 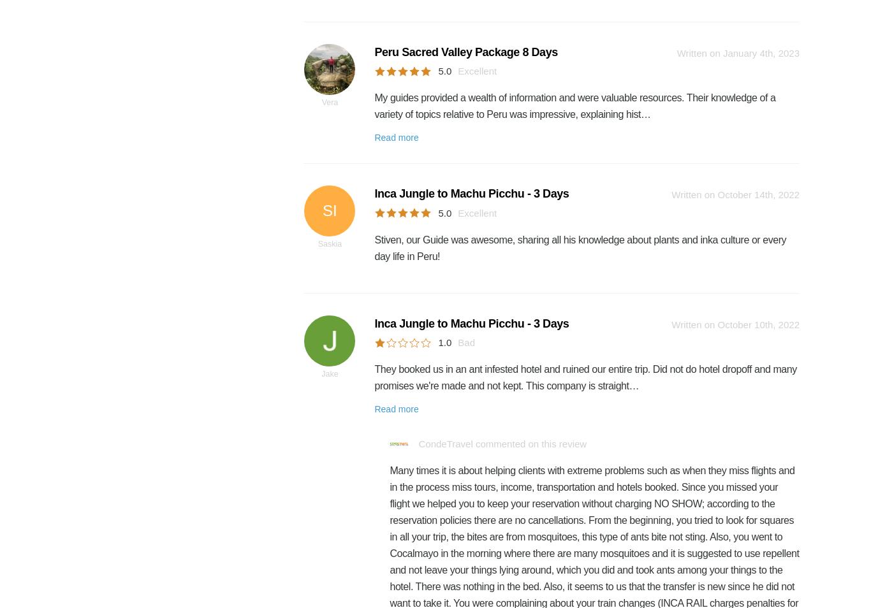 What do you see at coordinates (738, 52) in the screenshot?
I see `'Written on January 4th, 2023'` at bounding box center [738, 52].